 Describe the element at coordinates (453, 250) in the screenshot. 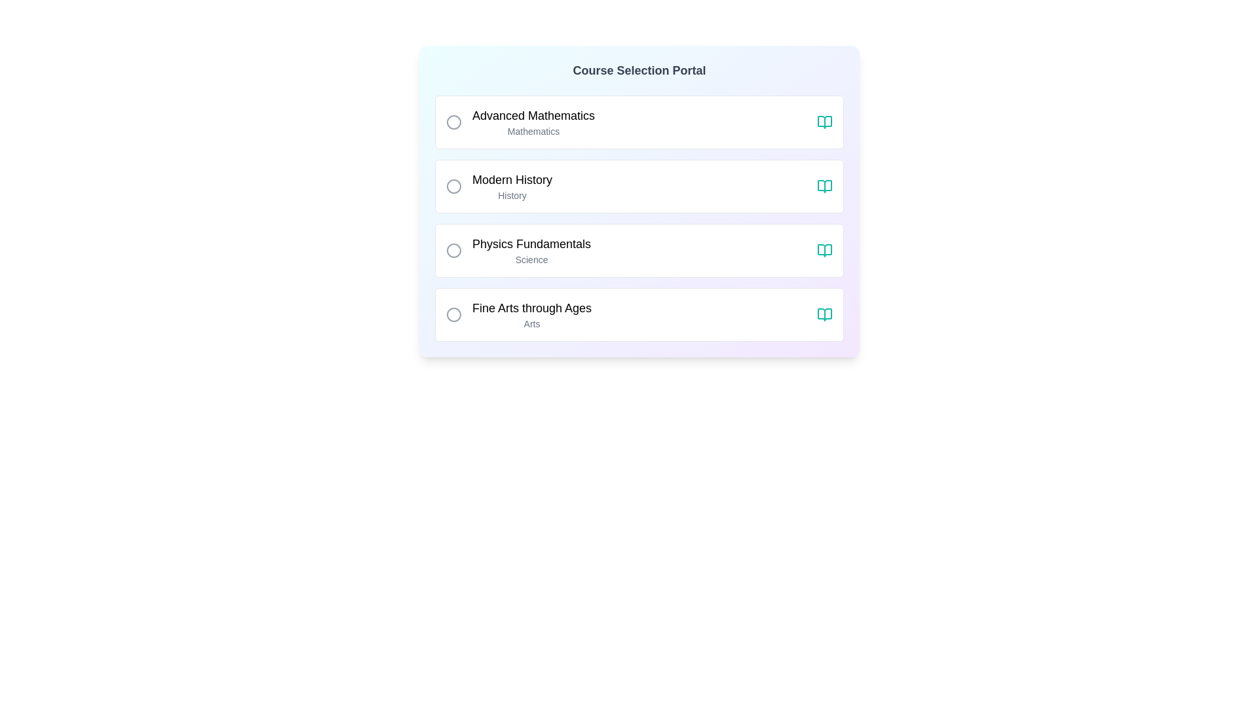

I see `the Circular SVG selection marker located to the left of the text 'Physics Fundamentals', which indicates an unselected state for the associated list item` at that location.